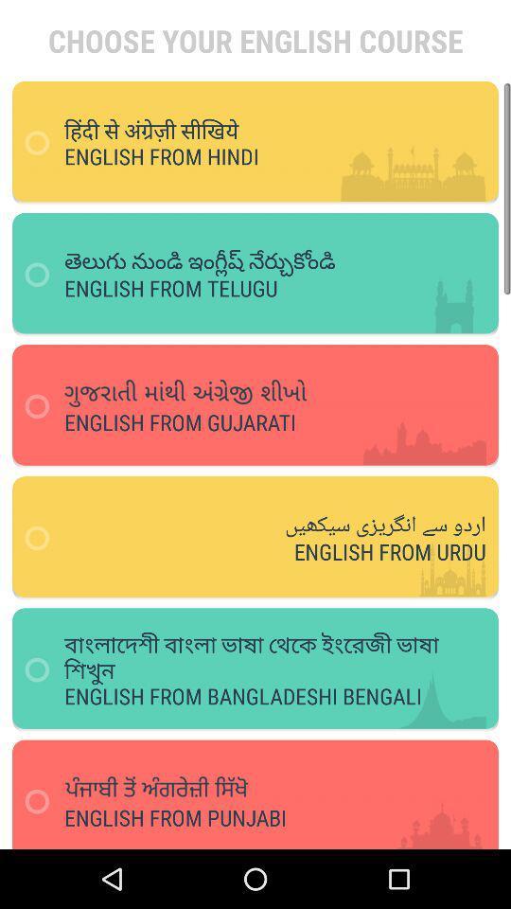  I want to click on radio button which is left of english from bangladeshi bengali, so click(44, 670).